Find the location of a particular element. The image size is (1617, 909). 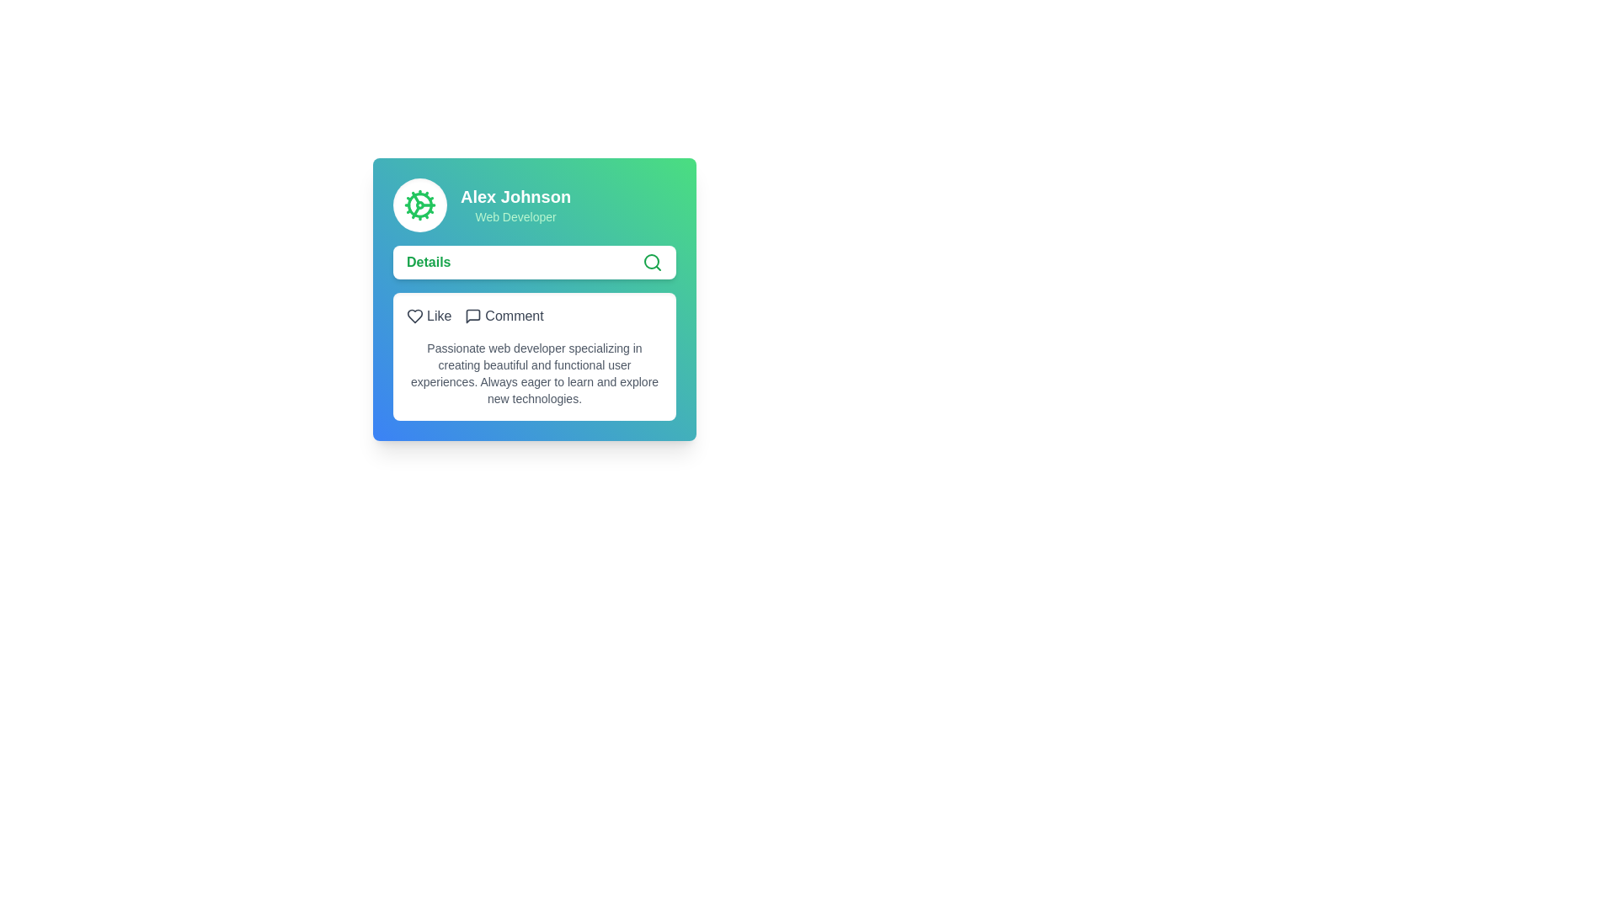

the heart icon used for expressing liking, which is positioned to the left of the text label 'Like' and to the right of the profile picture area within the user details panel is located at coordinates (415, 316).